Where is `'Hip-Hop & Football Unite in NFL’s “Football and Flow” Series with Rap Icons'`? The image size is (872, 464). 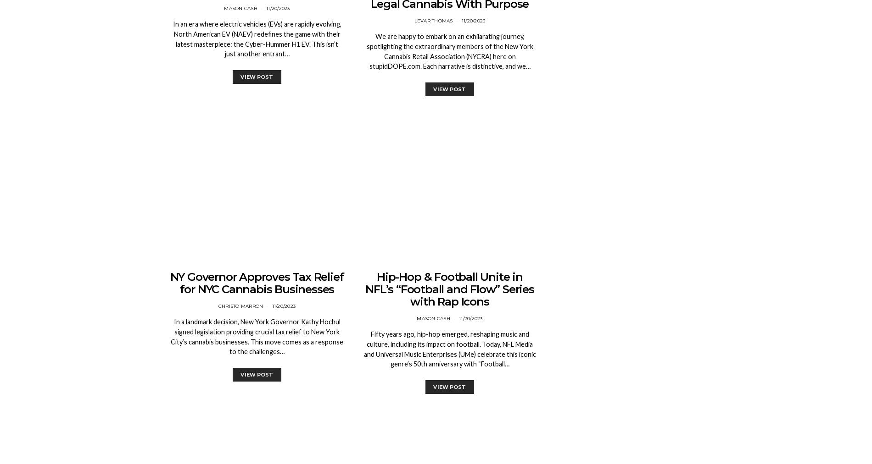
'Hip-Hop & Football Unite in NFL’s “Football and Flow” Series with Rap Icons' is located at coordinates (449, 289).